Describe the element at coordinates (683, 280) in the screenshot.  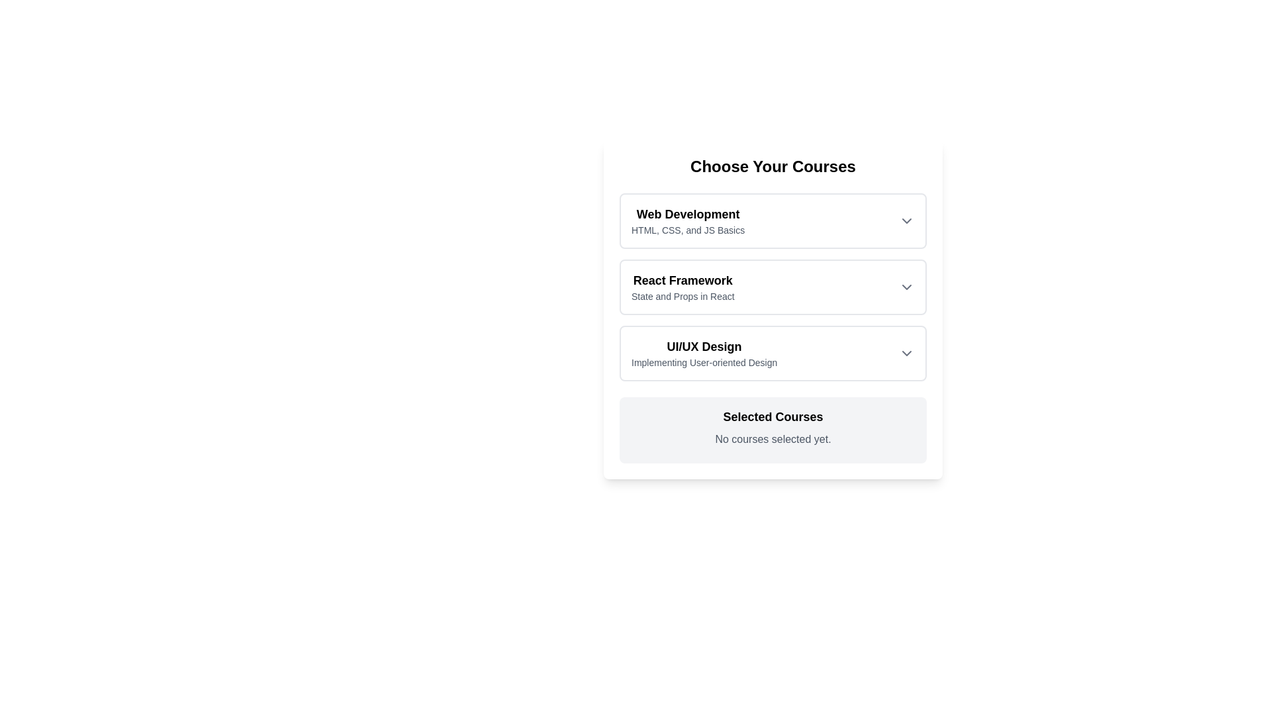
I see `the 'React Framework' text label in the 'Choose Your Courses' interface, which is positioned directly above the 'State and Props in React' text` at that location.